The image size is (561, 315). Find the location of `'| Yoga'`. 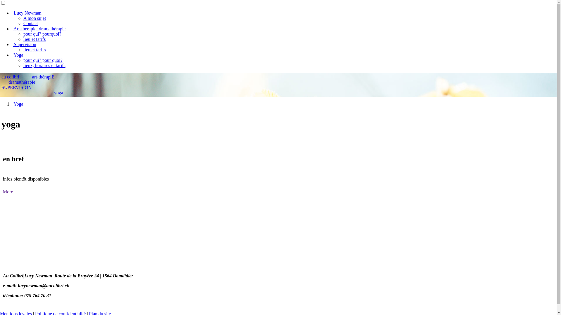

'| Yoga' is located at coordinates (17, 55).